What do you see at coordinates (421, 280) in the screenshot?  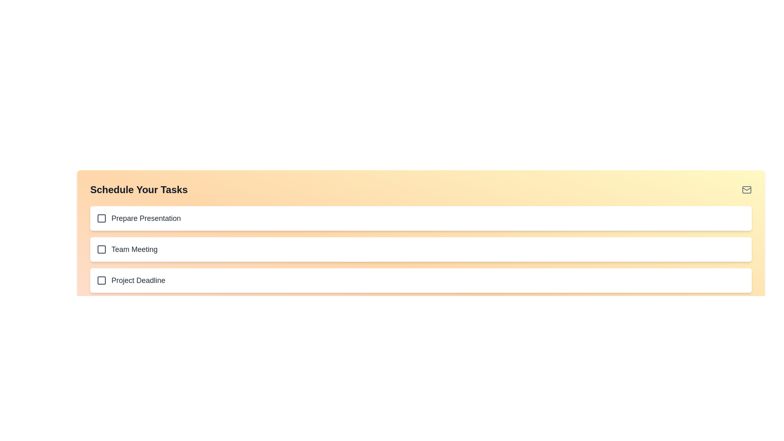 I see `the 'Project Deadline' checkbox, which is the third item in a vertically stacked list, positioned below 'Prepare Presentation' and 'Team Meeting', and above 'Client Feedback'` at bounding box center [421, 280].